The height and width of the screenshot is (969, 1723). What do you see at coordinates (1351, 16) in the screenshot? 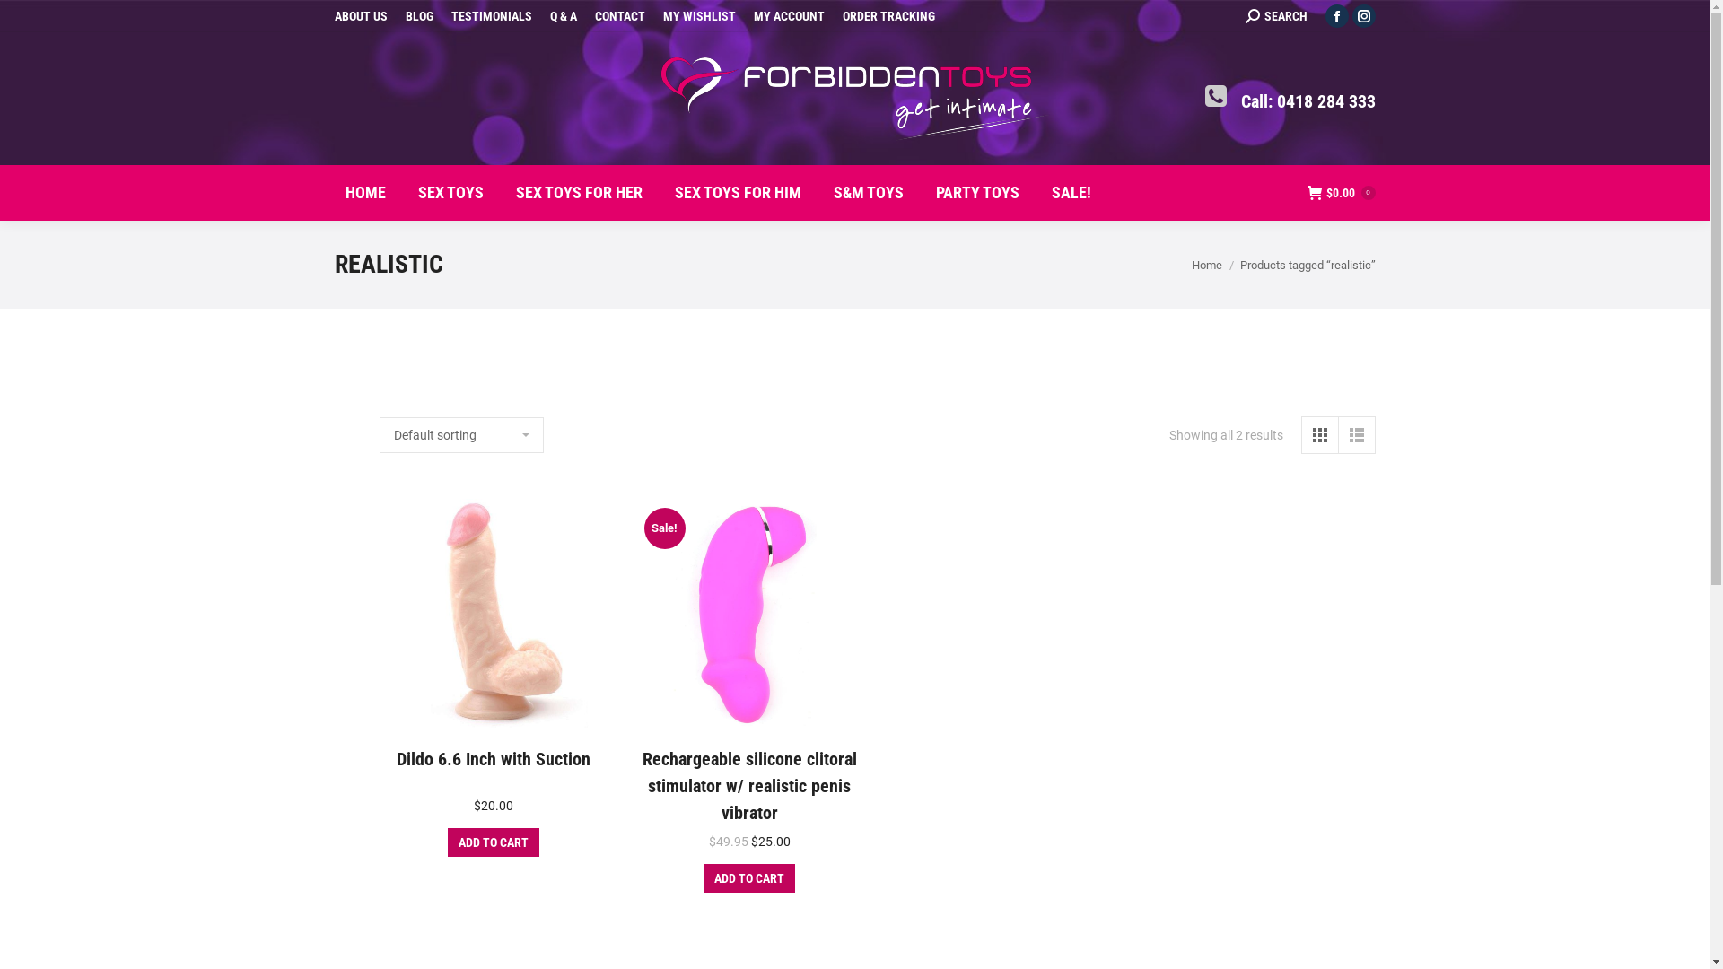
I see `'Instagram'` at bounding box center [1351, 16].